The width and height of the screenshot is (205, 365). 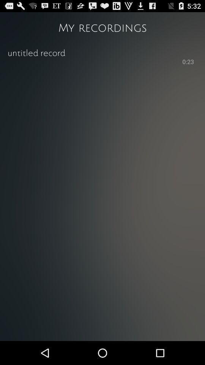 I want to click on the item next to 0:23 item, so click(x=94, y=61).